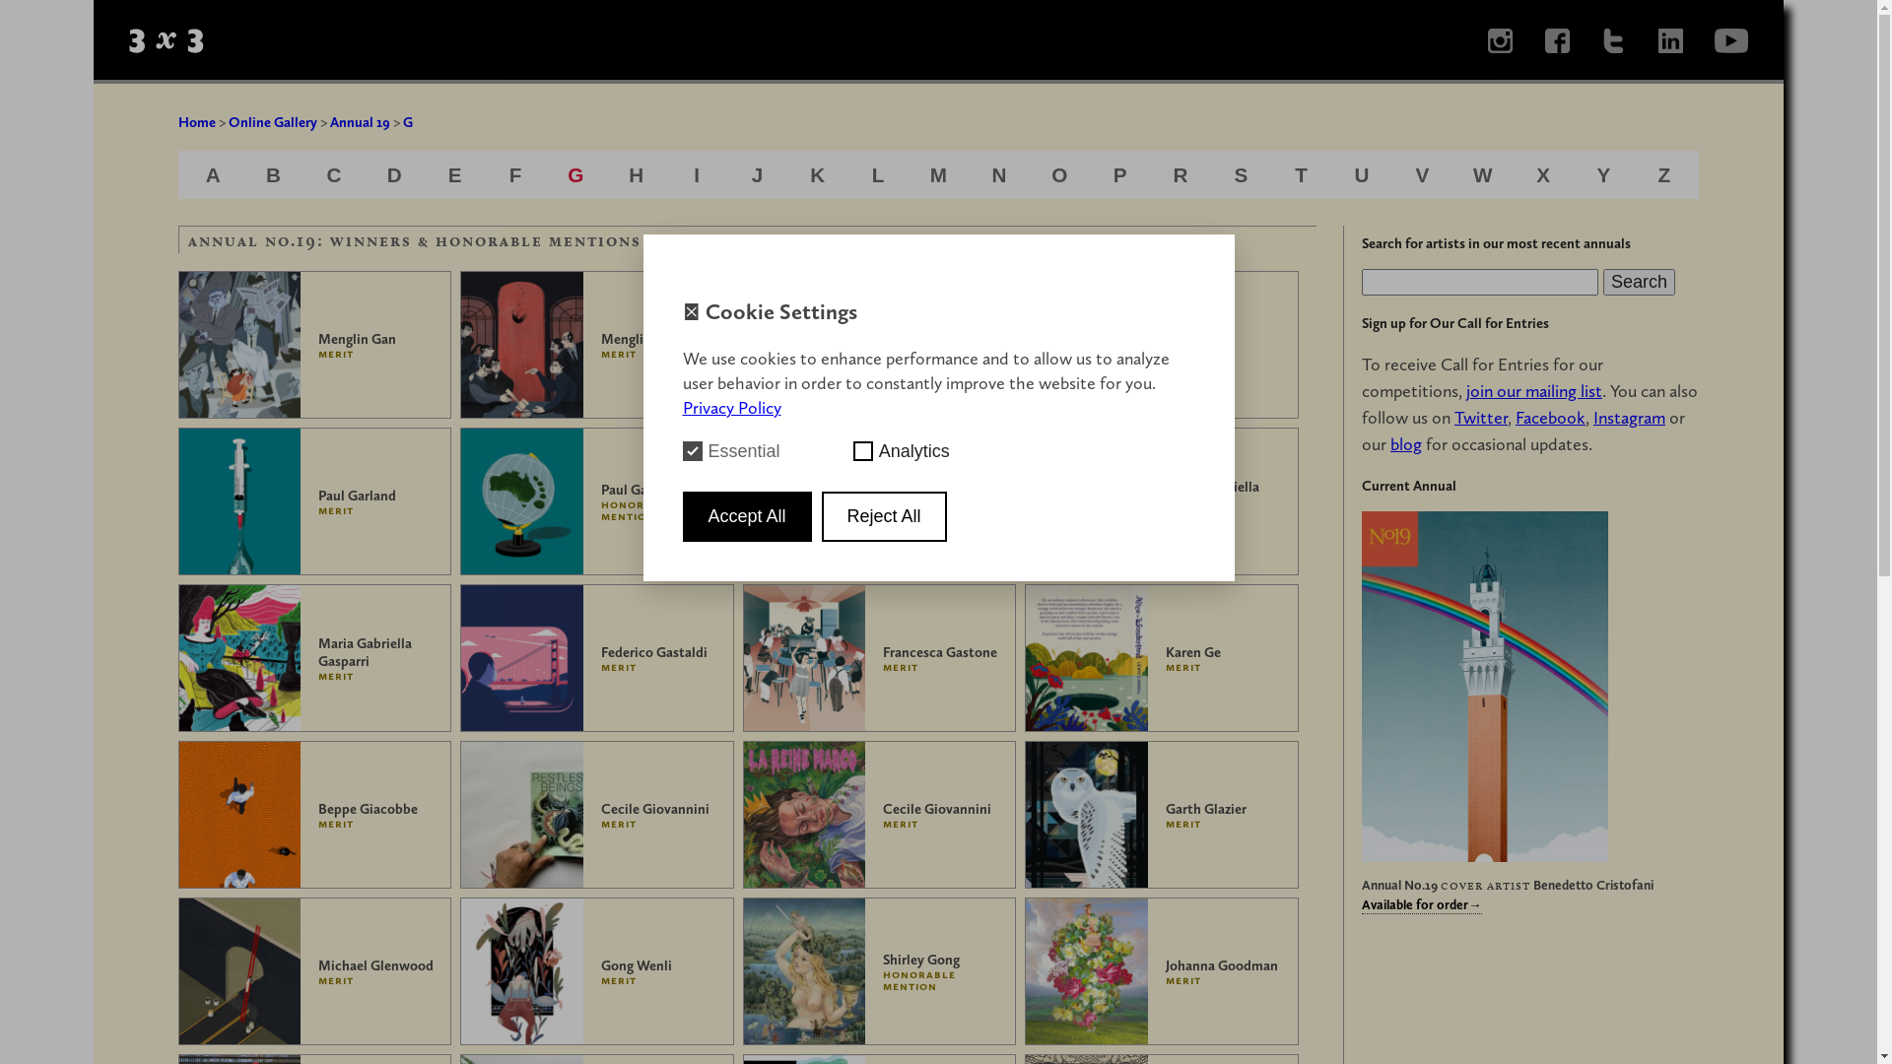  What do you see at coordinates (741, 970) in the screenshot?
I see `'Shirley Gong` at bounding box center [741, 970].